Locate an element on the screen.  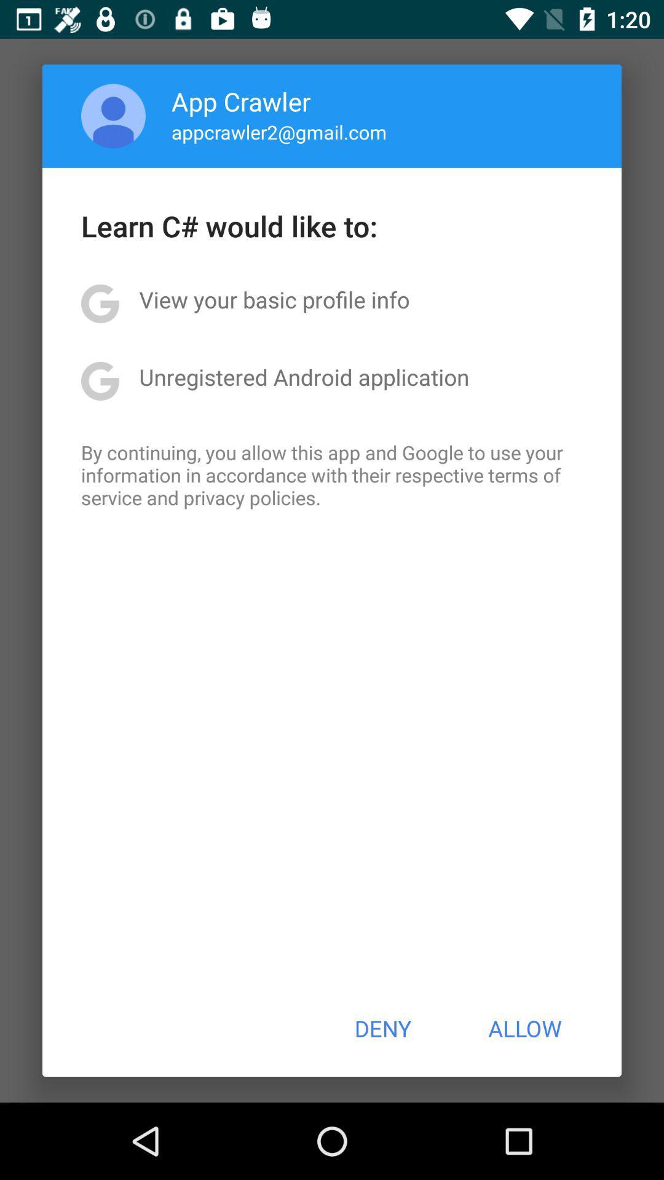
the app below the by continuing you app is located at coordinates (382, 1028).